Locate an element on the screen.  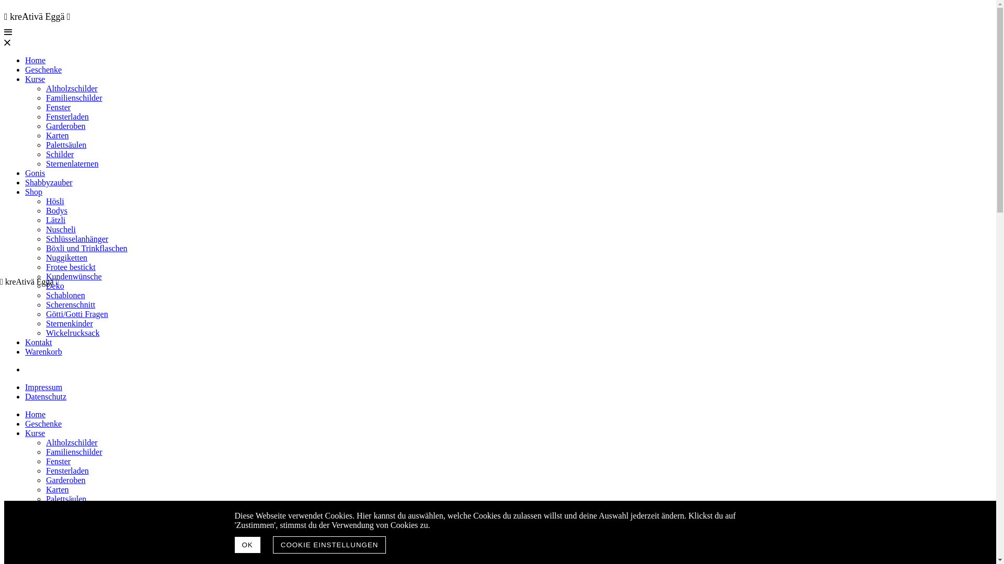
'Schilder' is located at coordinates (59, 154).